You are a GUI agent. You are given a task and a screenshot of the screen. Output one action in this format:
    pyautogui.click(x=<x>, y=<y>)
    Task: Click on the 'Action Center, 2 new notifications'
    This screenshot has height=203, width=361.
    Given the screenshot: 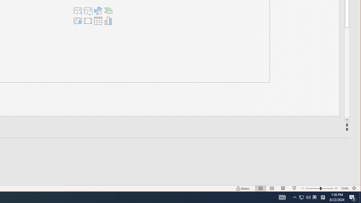 What is the action you would take?
    pyautogui.click(x=353, y=197)
    